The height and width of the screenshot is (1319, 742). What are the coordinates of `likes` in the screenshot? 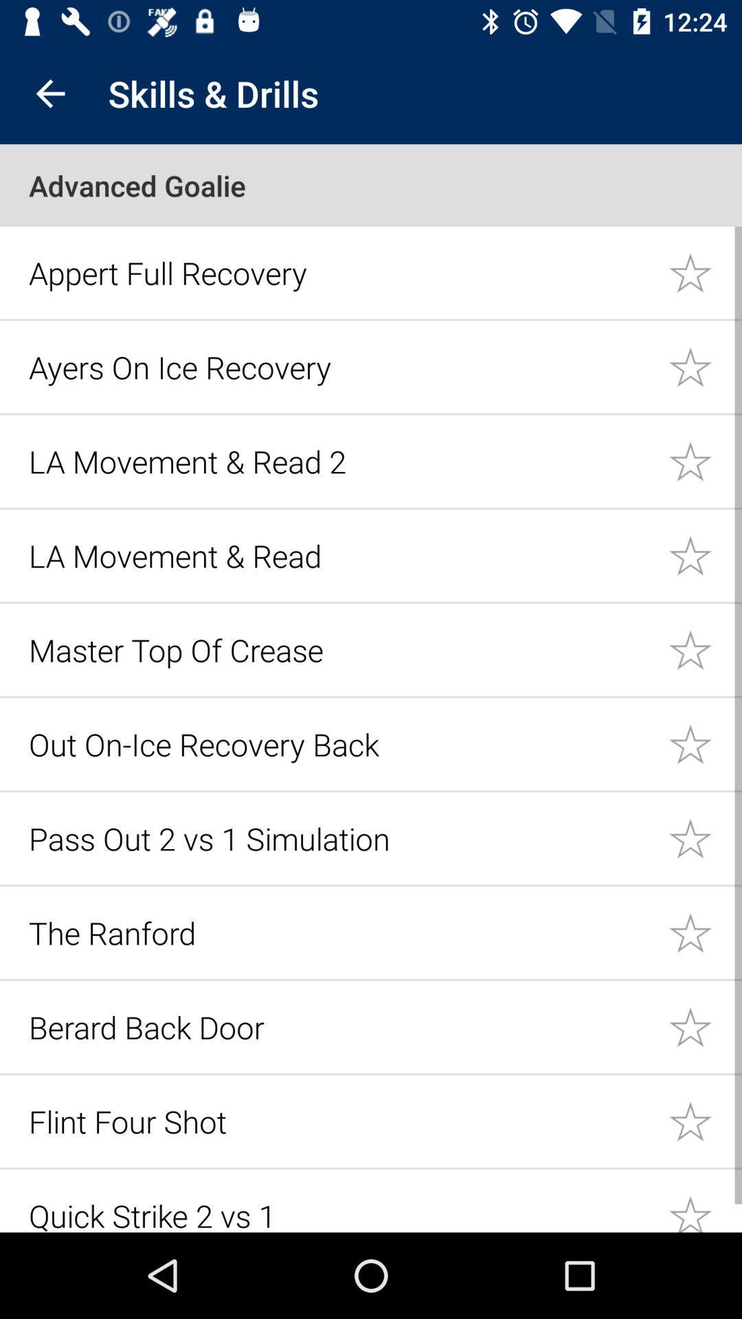 It's located at (705, 743).